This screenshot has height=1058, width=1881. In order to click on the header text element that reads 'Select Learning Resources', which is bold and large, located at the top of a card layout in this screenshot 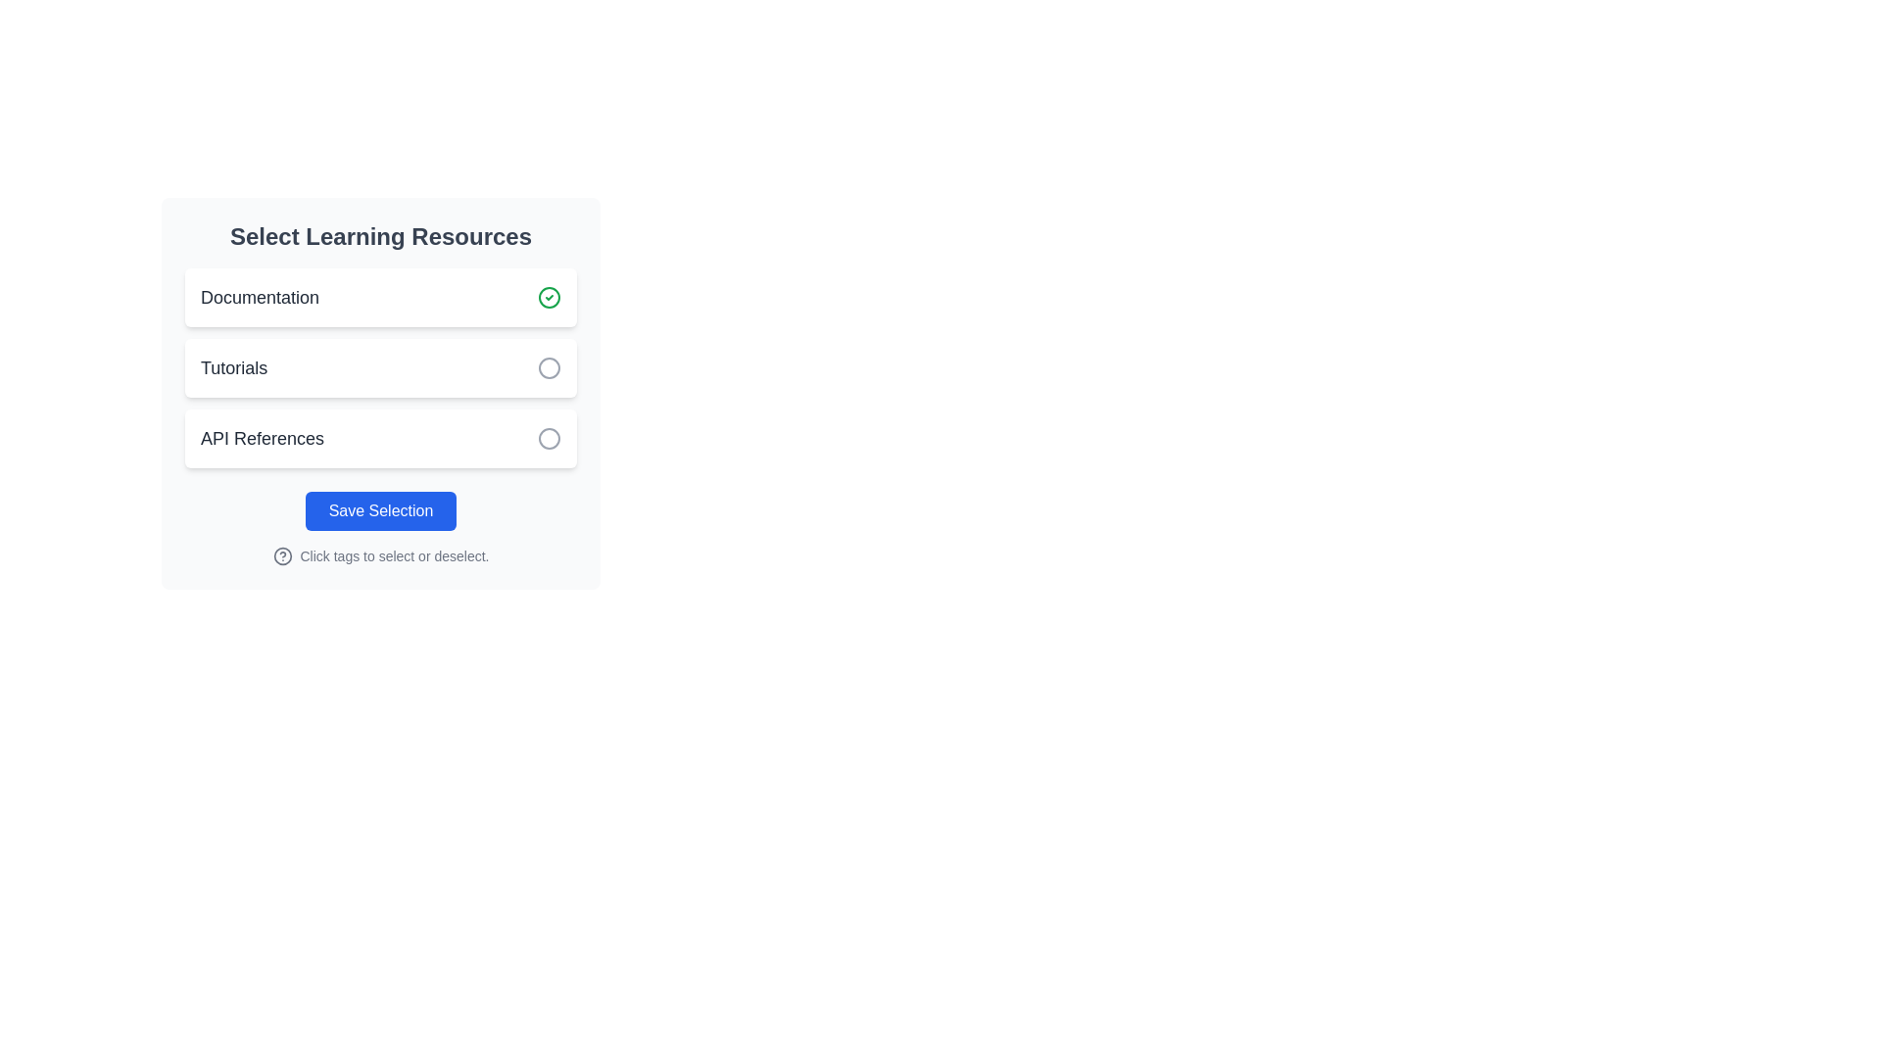, I will do `click(380, 236)`.